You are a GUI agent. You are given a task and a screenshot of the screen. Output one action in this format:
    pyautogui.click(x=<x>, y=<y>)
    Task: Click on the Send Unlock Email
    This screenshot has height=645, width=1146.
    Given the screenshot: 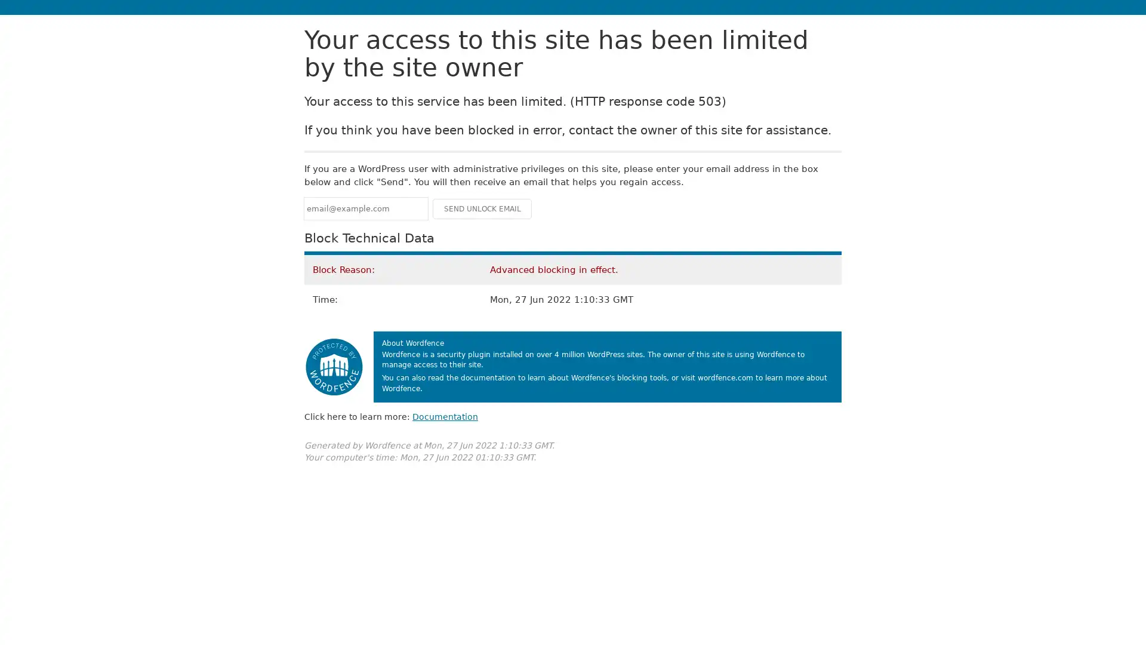 What is the action you would take?
    pyautogui.click(x=482, y=208)
    